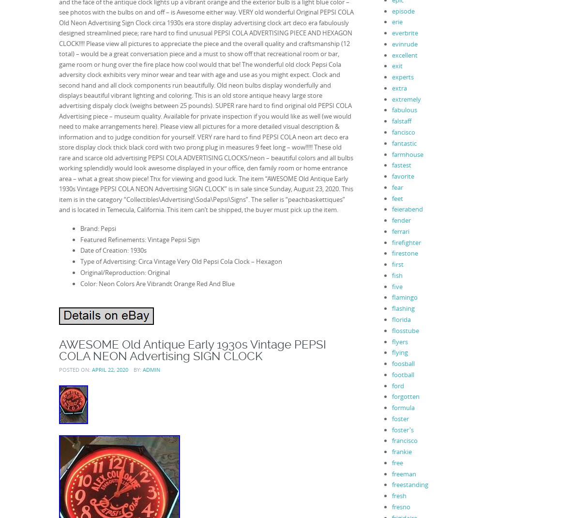 The image size is (573, 518). I want to click on 'fresh', so click(398, 495).